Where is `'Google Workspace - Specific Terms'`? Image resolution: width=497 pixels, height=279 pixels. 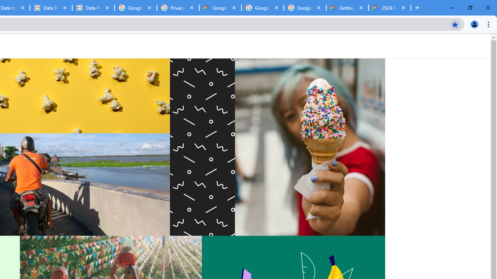 'Google Workspace - Specific Terms' is located at coordinates (262, 8).